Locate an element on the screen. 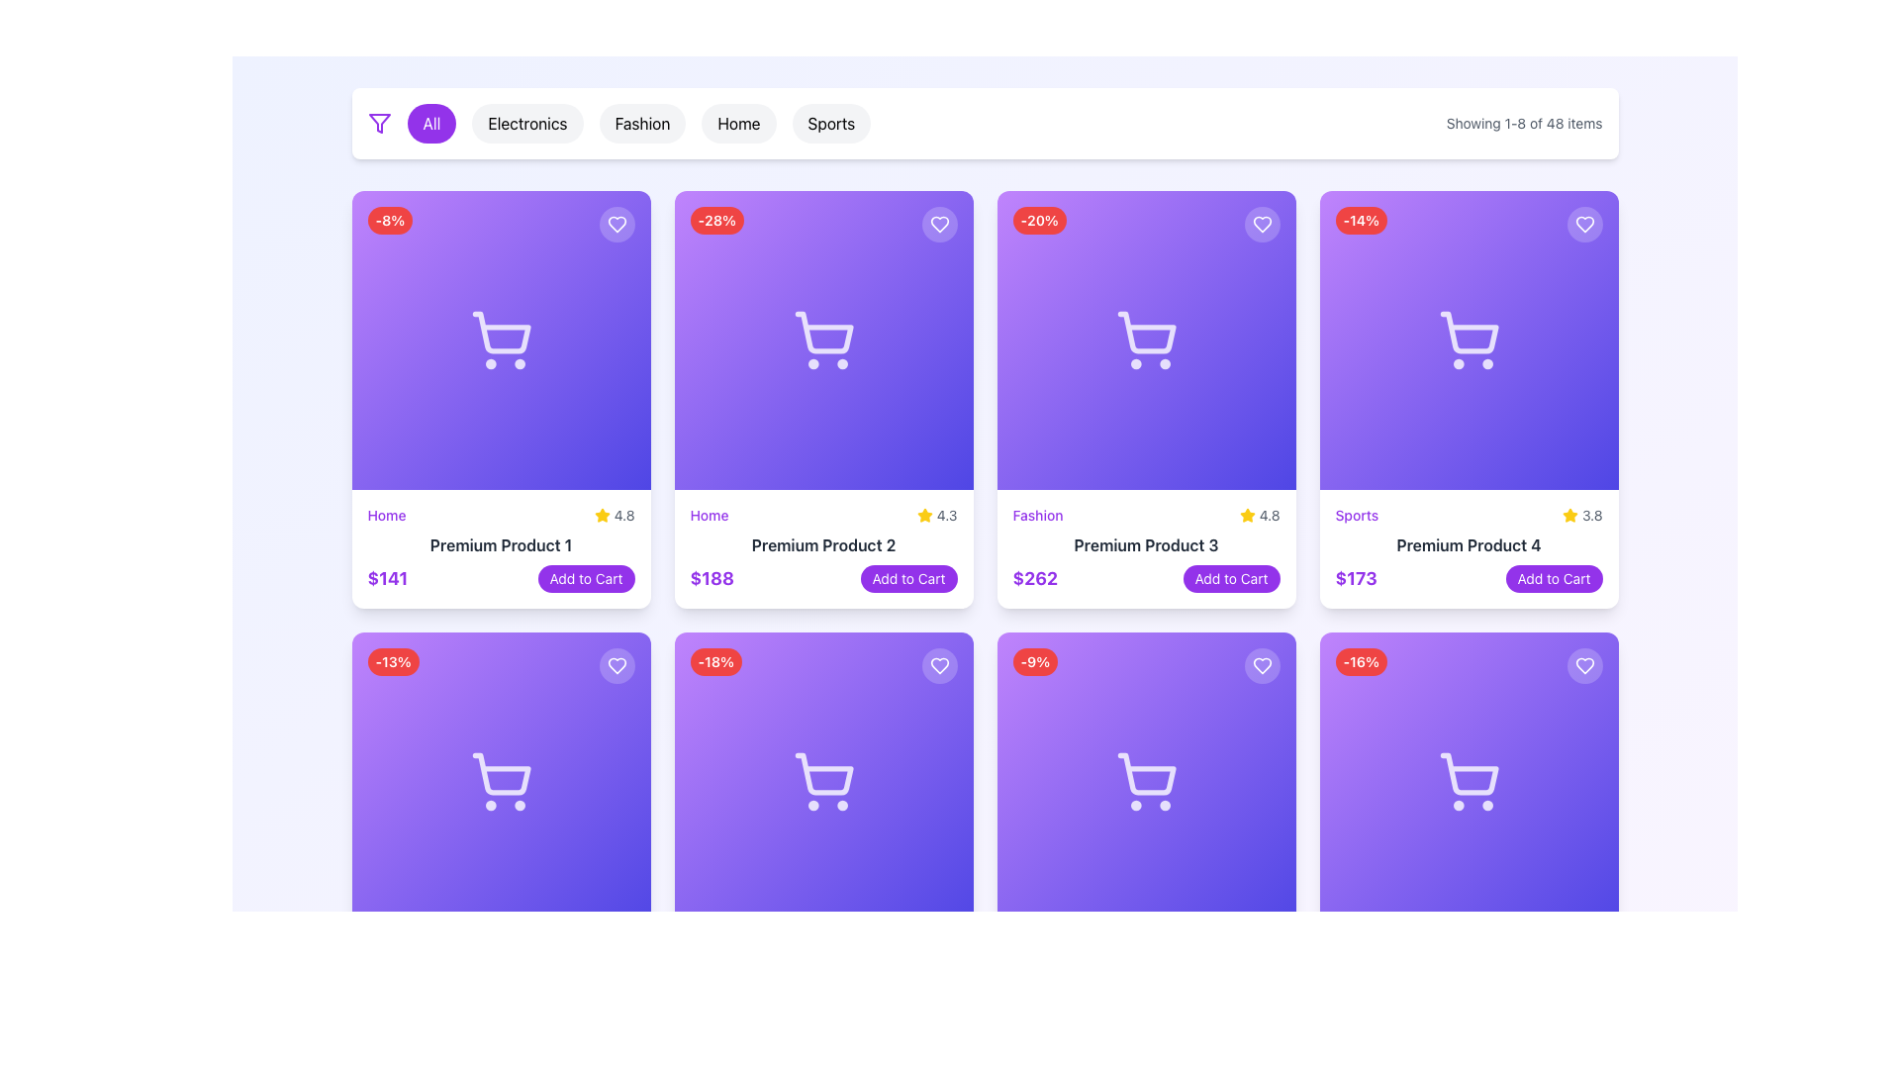 The width and height of the screenshot is (1900, 1069). the favorite button located in the top-right corner of the first card in the grid, which is part of a purple gradient card and near the '-8%' discount label is located at coordinates (616, 224).